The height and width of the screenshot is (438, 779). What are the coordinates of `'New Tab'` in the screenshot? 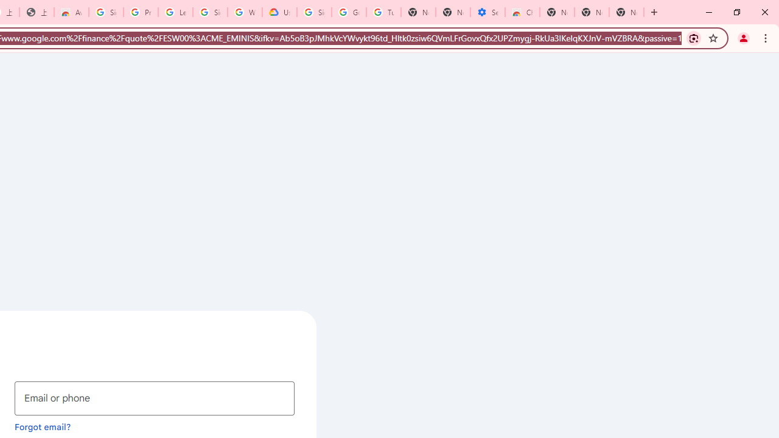 It's located at (626, 12).